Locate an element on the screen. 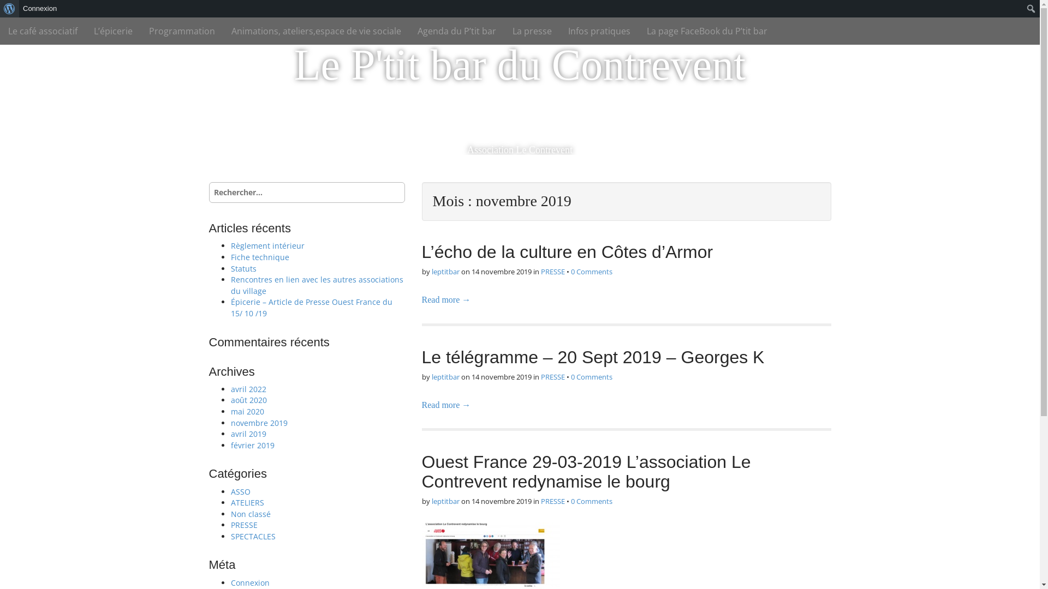 This screenshot has width=1048, height=589. 'Rechercher' is located at coordinates (26, 10).